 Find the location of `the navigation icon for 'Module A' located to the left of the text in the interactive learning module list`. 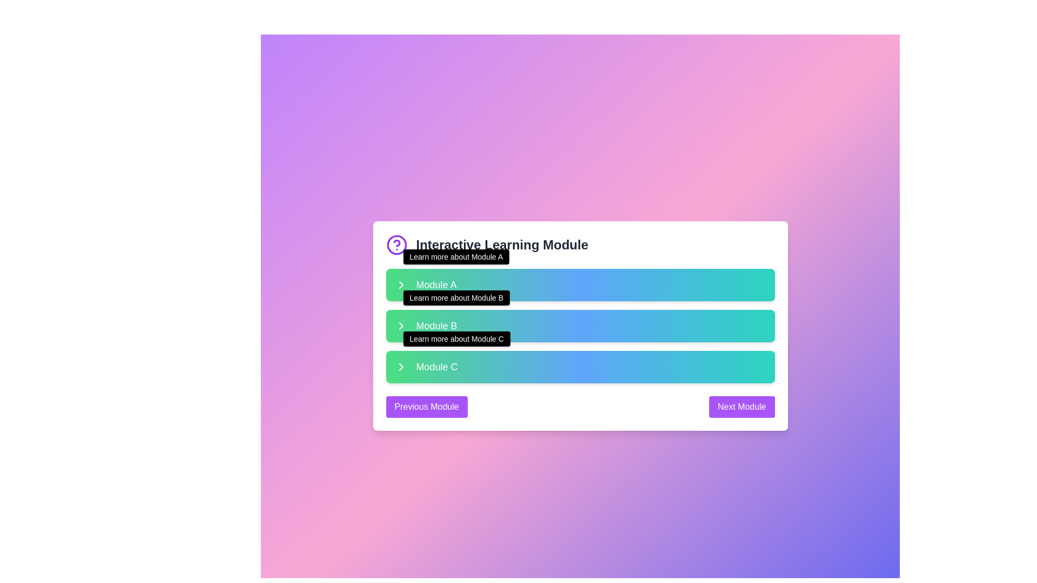

the navigation icon for 'Module A' located to the left of the text in the interactive learning module list is located at coordinates (400, 284).